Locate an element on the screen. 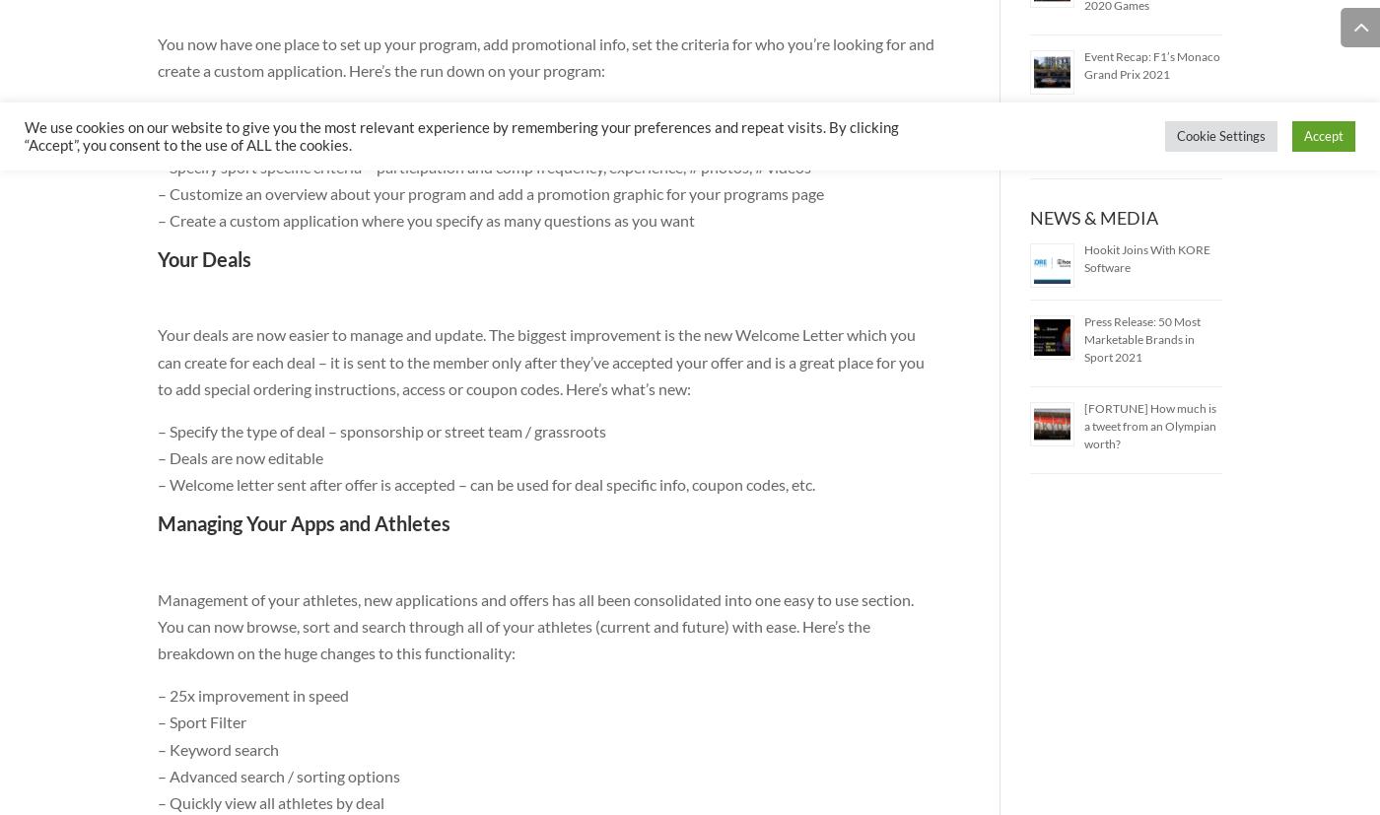 The height and width of the screenshot is (815, 1380). 'Press Release: 50 Most Marketable Brands in Sport 2021' is located at coordinates (1140, 339).